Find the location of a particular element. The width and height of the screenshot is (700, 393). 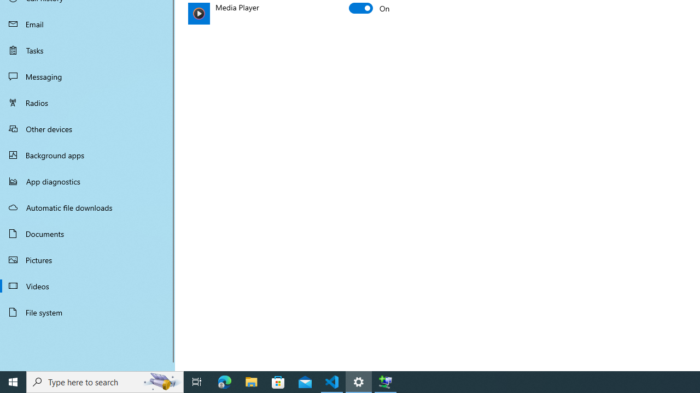

'Email' is located at coordinates (87, 23).